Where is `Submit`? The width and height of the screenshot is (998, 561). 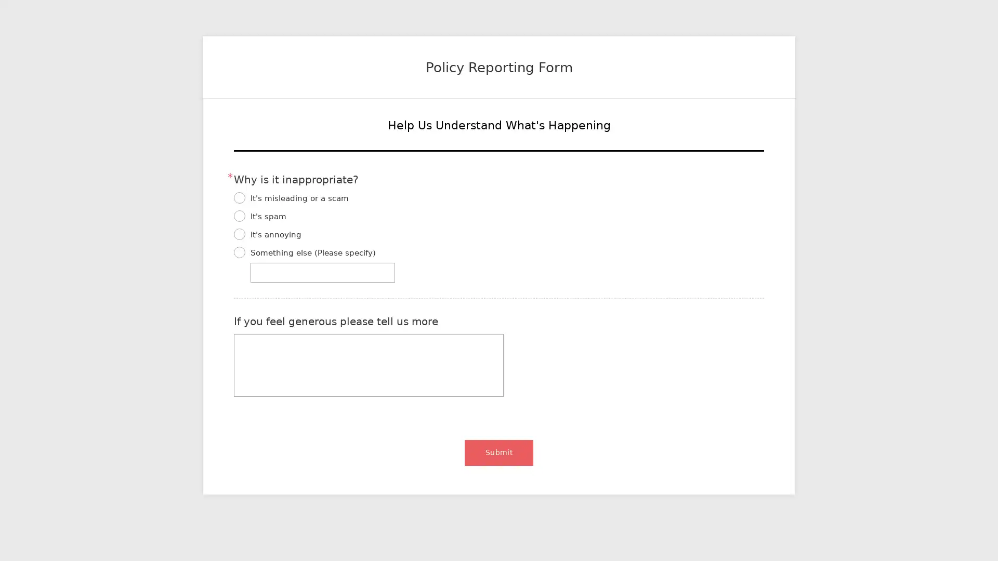 Submit is located at coordinates (498, 452).